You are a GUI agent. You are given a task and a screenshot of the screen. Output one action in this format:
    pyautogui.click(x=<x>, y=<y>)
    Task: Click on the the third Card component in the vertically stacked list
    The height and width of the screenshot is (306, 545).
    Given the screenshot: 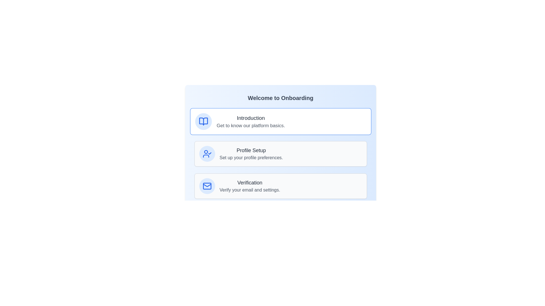 What is the action you would take?
    pyautogui.click(x=280, y=186)
    